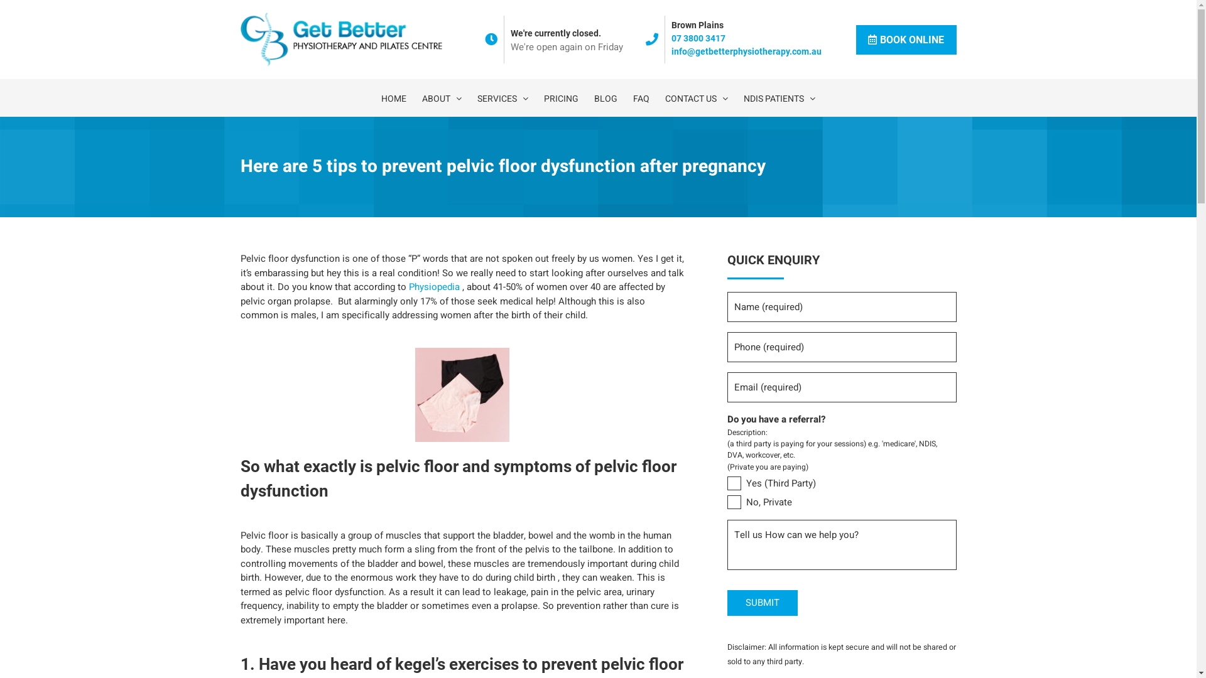 The image size is (1206, 678). What do you see at coordinates (415, 394) in the screenshot?
I see `'two-pairs-of-women-s-underwear'` at bounding box center [415, 394].